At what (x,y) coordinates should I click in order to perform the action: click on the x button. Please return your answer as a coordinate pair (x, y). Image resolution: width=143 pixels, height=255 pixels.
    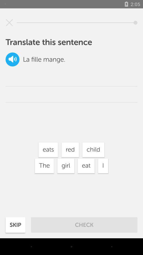
    Looking at the image, I should click on (9, 23).